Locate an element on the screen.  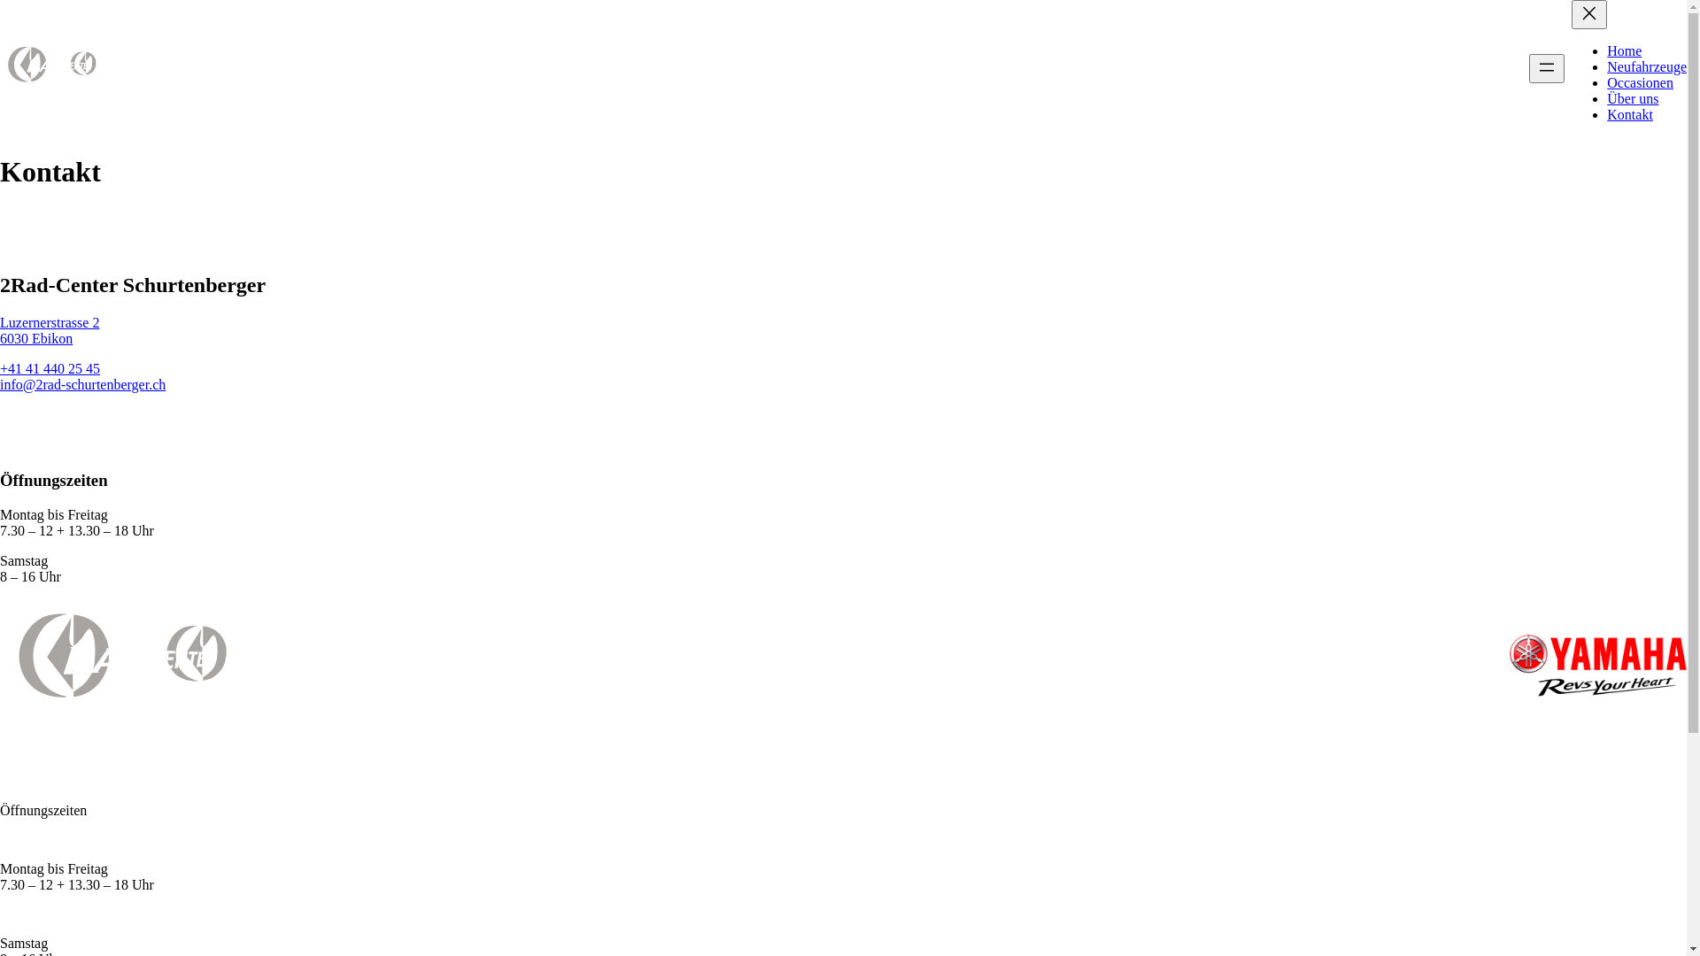
'+41 41 440 25 45' is located at coordinates (50, 367).